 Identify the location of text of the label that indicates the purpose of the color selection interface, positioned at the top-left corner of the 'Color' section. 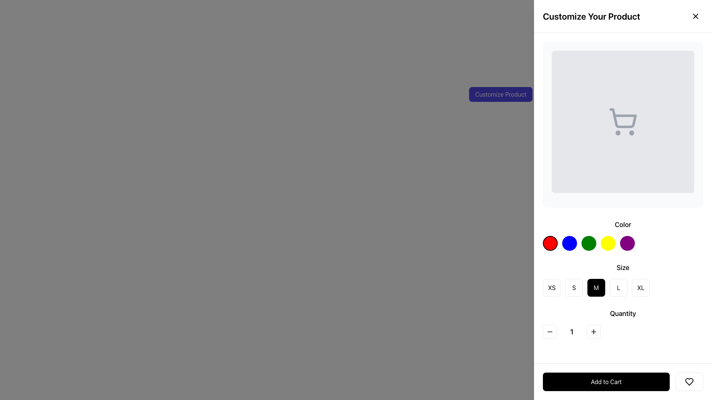
(623, 224).